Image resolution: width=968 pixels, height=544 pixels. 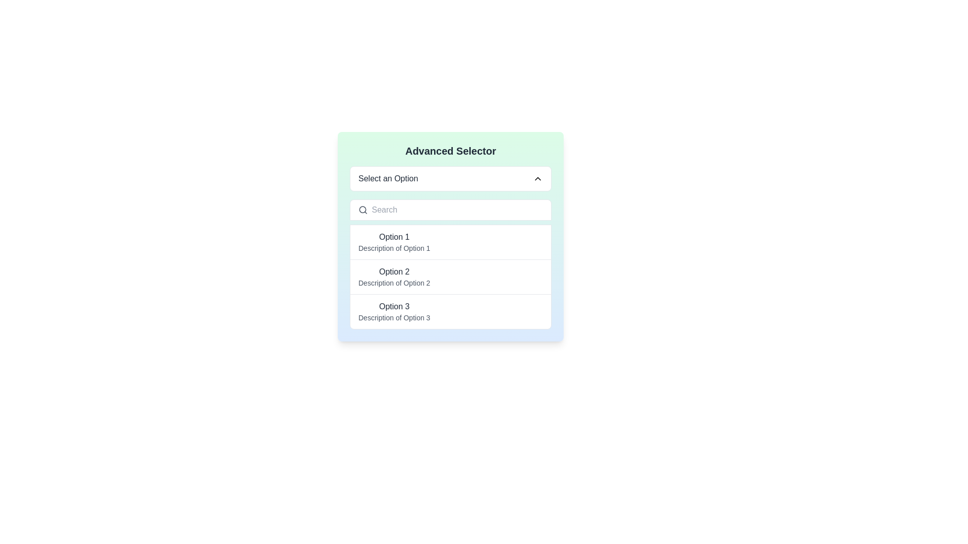 I want to click on the 'Option 2' list item in the dropdown menu, so click(x=394, y=277).